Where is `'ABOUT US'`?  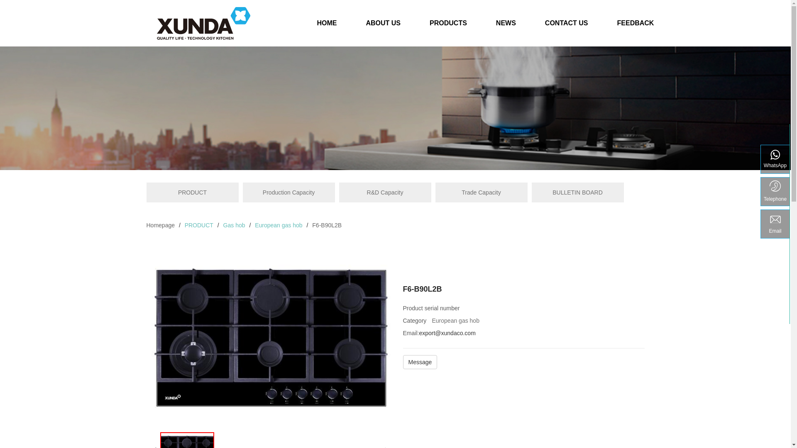
'ABOUT US' is located at coordinates (382, 26).